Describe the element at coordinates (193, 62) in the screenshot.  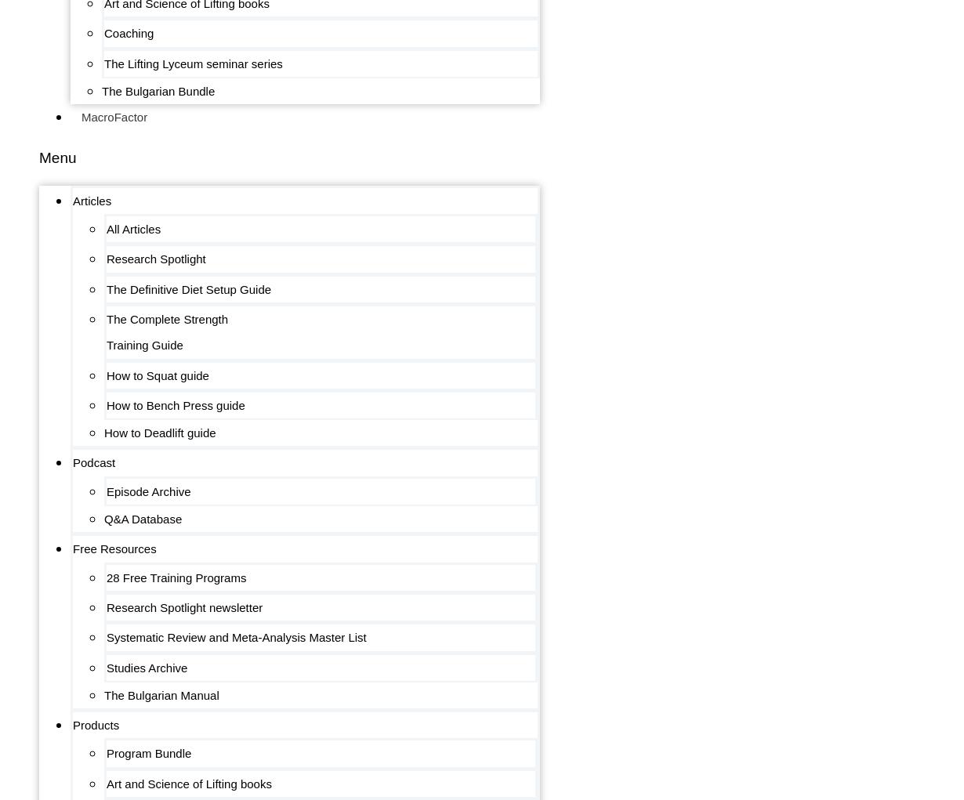
I see `'The Lifting Lyceum seminar series'` at that location.